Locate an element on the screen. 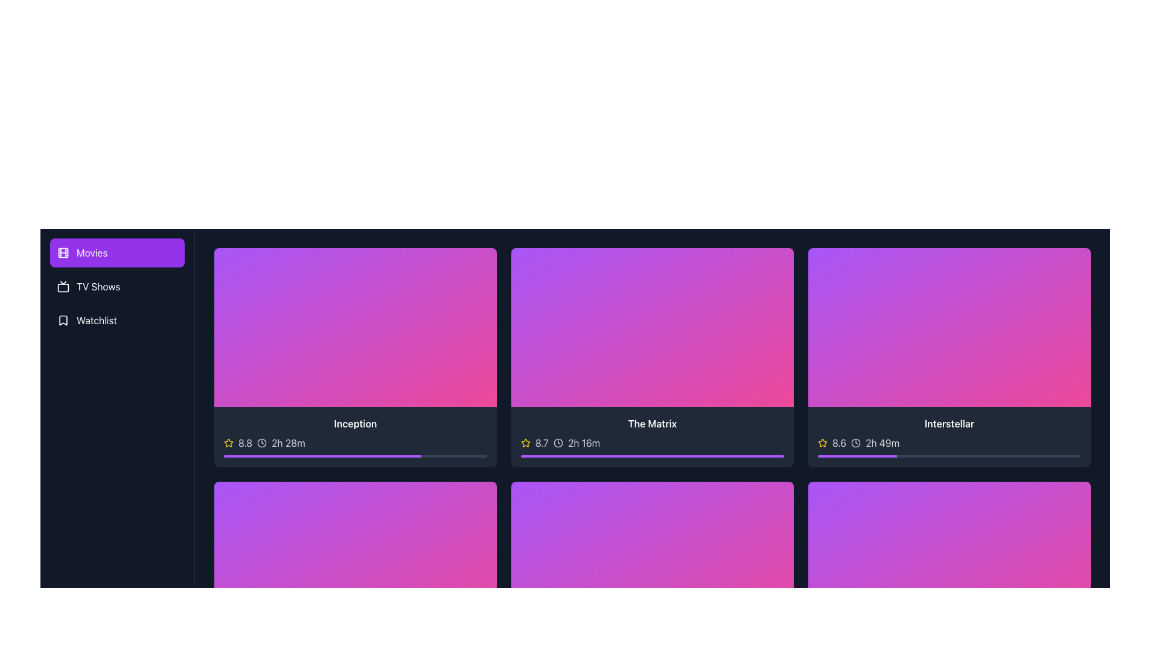  the bookmark button for the movie 'Inception' located at the top-right corner of its card is located at coordinates (481, 262).